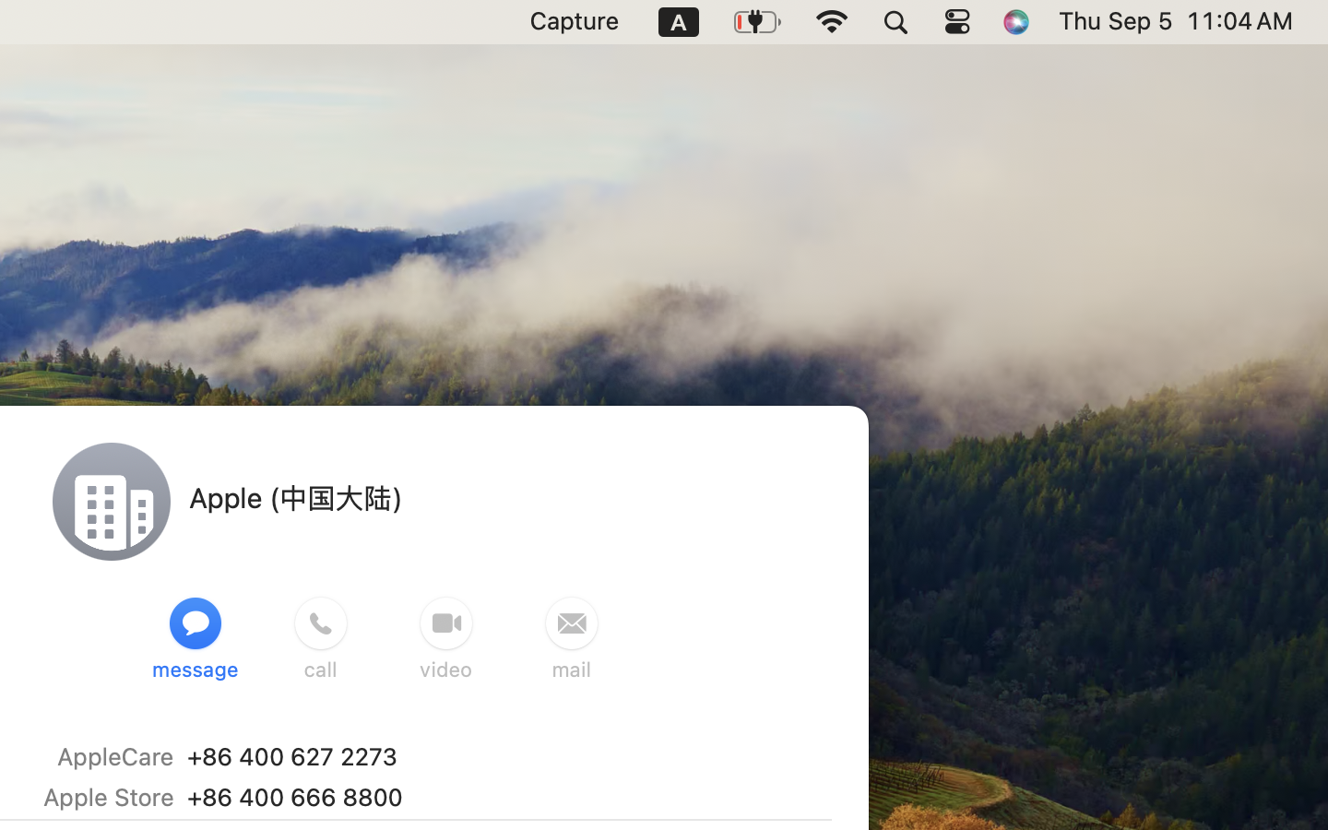 The width and height of the screenshot is (1328, 830). Describe the element at coordinates (294, 496) in the screenshot. I see `'Apple (中国大陆)'` at that location.